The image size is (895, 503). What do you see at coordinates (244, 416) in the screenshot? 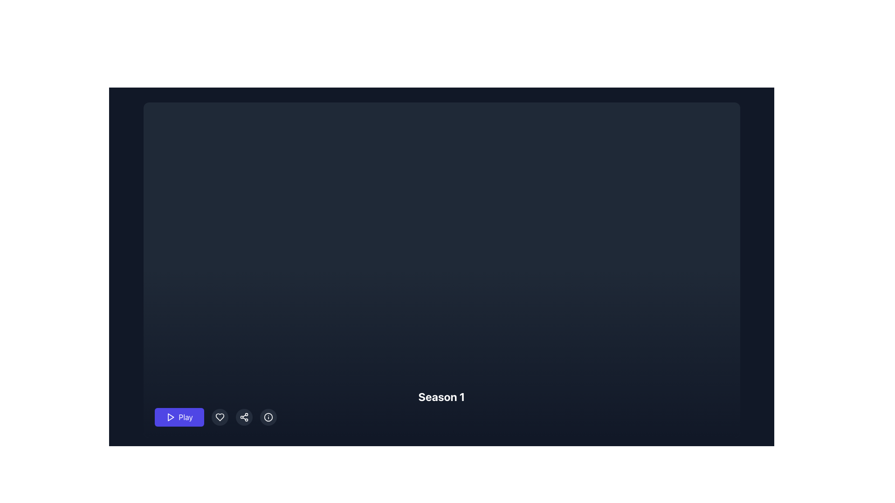
I see `the circular share button with three dots connected by lines, located between the heart-shaped button and the information icon` at bounding box center [244, 416].